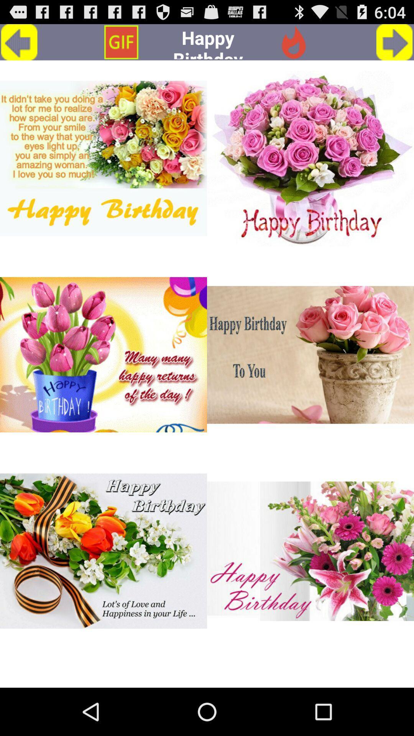 The image size is (414, 736). I want to click on the second image from top right, so click(310, 355).